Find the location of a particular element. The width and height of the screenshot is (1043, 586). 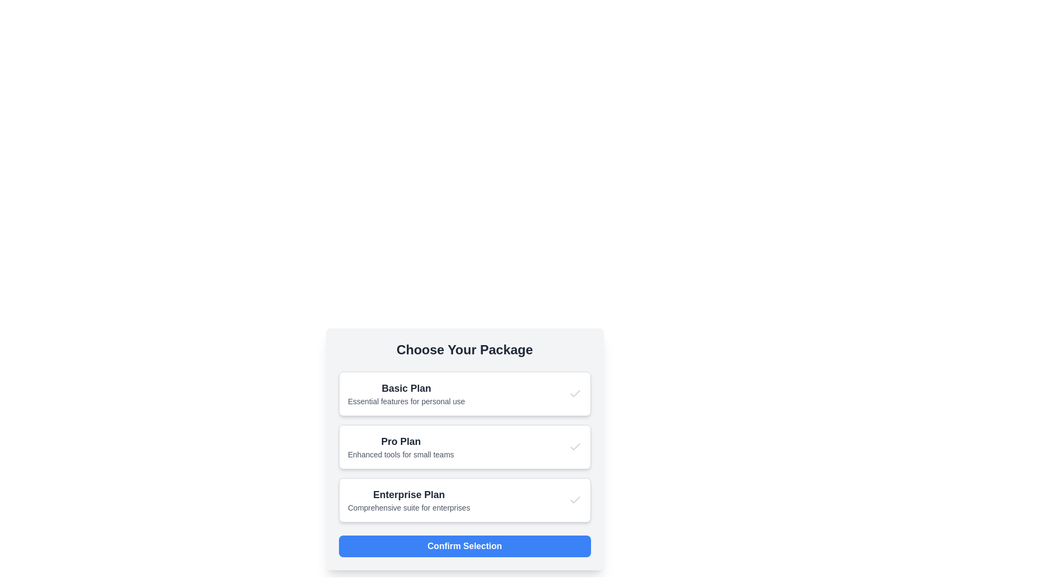

the 'Pro Plan' text label that acts as a header for the plan type, which is centrally aligned above the subtitle in the second selectable option of the plan offerings dialog box is located at coordinates (400, 441).